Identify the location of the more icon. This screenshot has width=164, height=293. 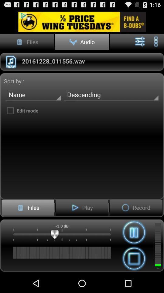
(156, 44).